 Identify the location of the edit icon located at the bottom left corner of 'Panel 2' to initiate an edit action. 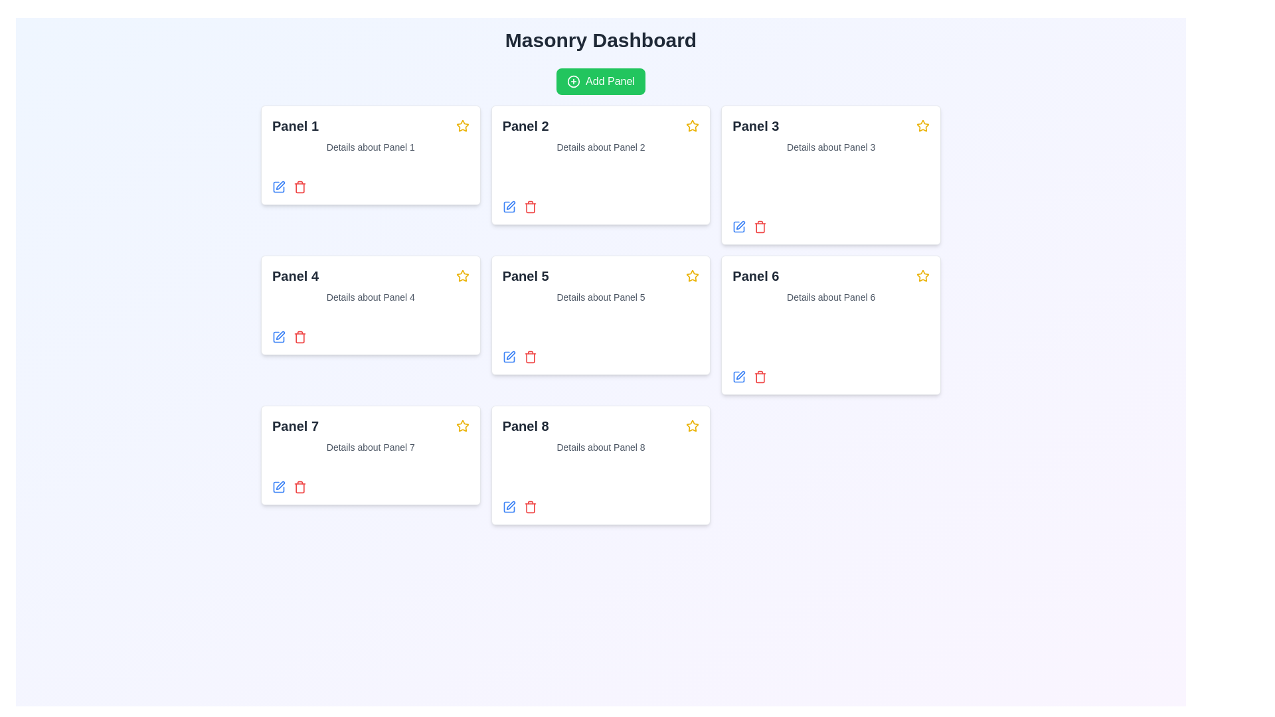
(510, 205).